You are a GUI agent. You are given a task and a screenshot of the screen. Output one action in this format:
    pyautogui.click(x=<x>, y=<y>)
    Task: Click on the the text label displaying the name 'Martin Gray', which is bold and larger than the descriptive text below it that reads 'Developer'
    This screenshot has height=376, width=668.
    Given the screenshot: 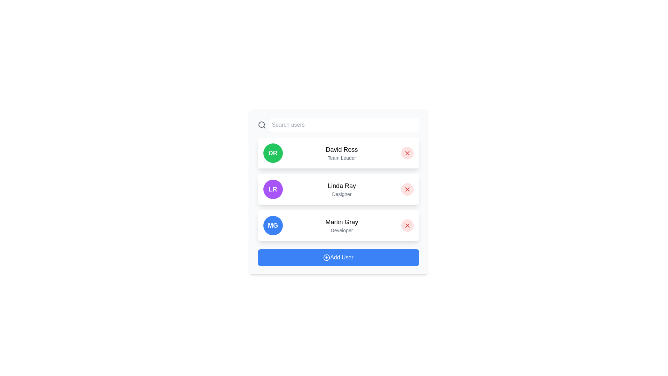 What is the action you would take?
    pyautogui.click(x=342, y=222)
    